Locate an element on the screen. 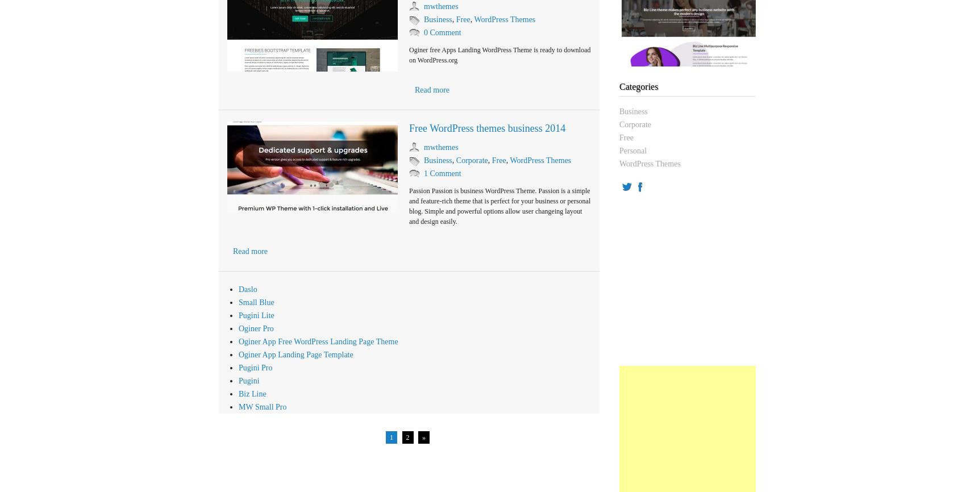 The image size is (966, 492). 'Oginer App Landing Page Template' is located at coordinates (238, 355).